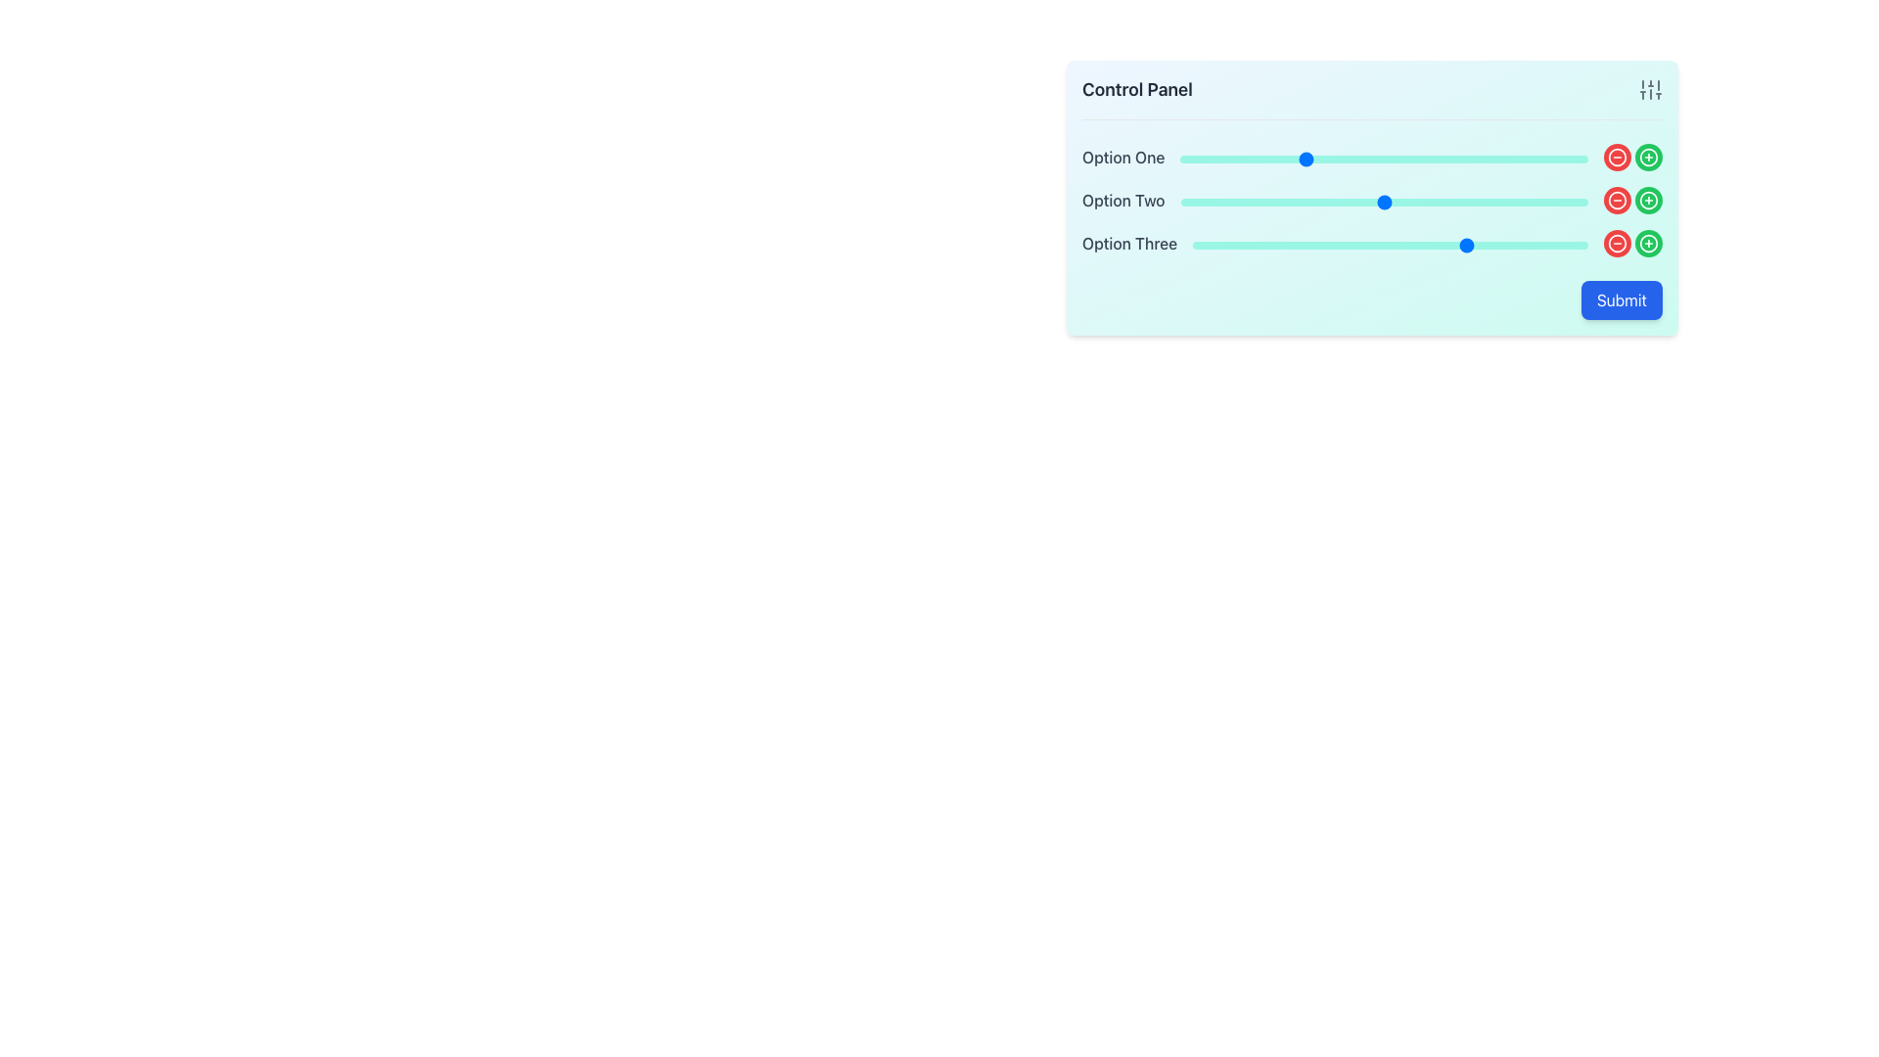 This screenshot has height=1057, width=1879. Describe the element at coordinates (1576, 244) in the screenshot. I see `the slider value` at that location.